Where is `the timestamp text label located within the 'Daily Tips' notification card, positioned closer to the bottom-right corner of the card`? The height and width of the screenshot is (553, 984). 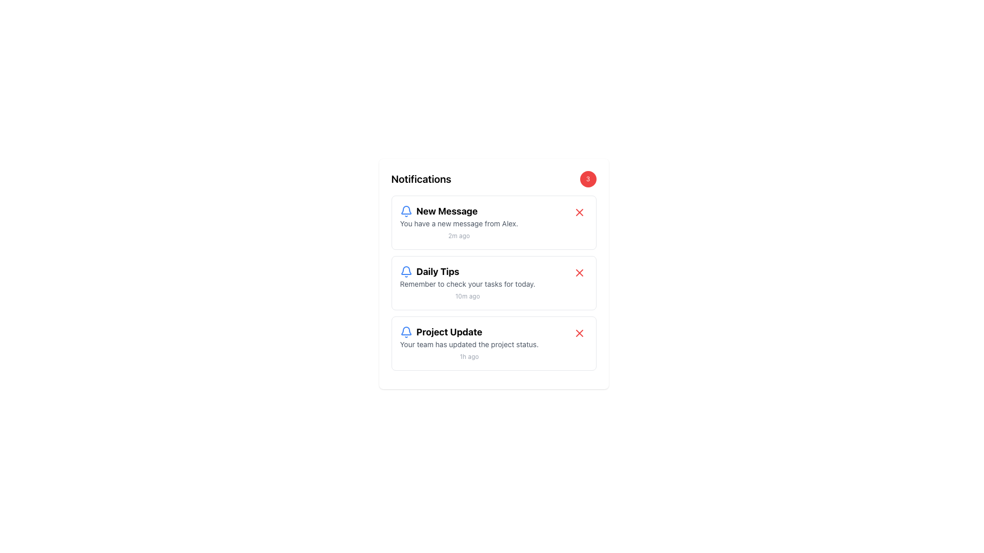
the timestamp text label located within the 'Daily Tips' notification card, positioned closer to the bottom-right corner of the card is located at coordinates (467, 296).